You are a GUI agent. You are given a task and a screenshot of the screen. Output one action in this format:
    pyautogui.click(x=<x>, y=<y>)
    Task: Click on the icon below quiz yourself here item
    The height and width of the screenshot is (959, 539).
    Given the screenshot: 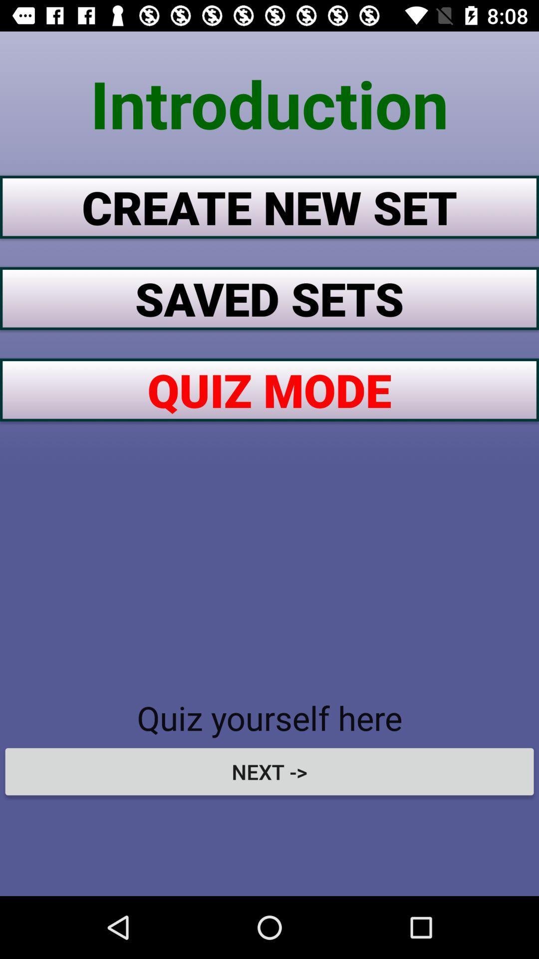 What is the action you would take?
    pyautogui.click(x=269, y=771)
    